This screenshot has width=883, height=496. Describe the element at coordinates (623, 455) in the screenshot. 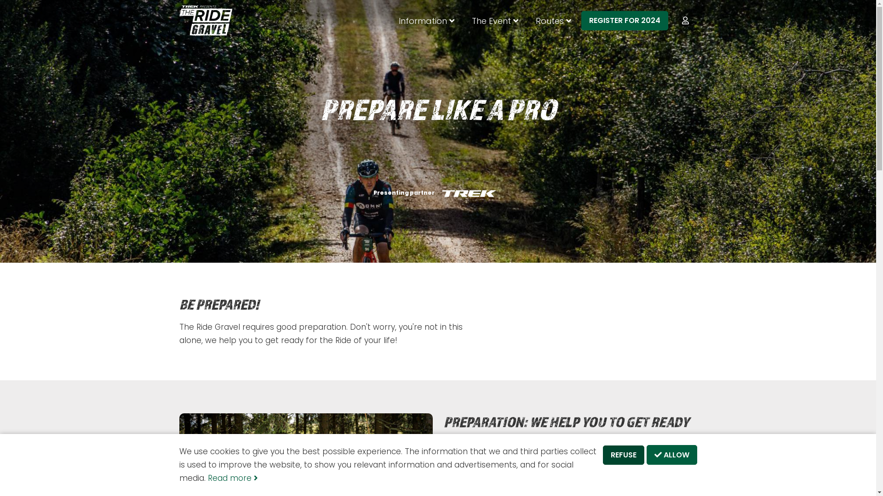

I see `'REFUSE'` at that location.